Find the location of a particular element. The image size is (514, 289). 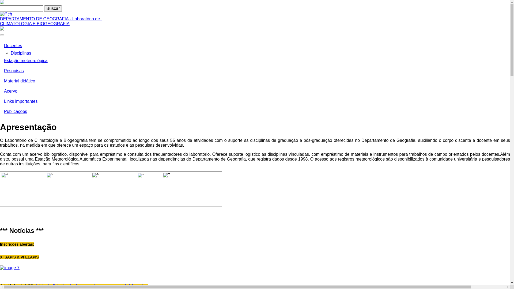

'SAPIS' is located at coordinates (10, 268).